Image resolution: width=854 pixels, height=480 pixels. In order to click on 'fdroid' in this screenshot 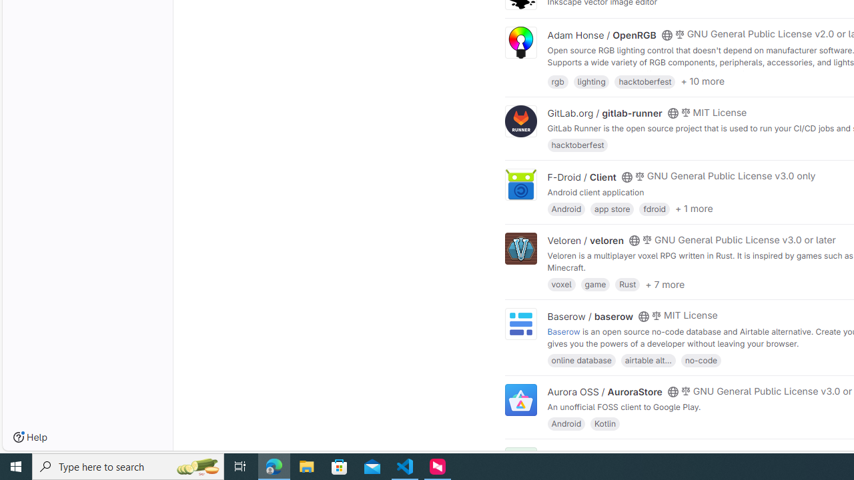, I will do `click(655, 208)`.